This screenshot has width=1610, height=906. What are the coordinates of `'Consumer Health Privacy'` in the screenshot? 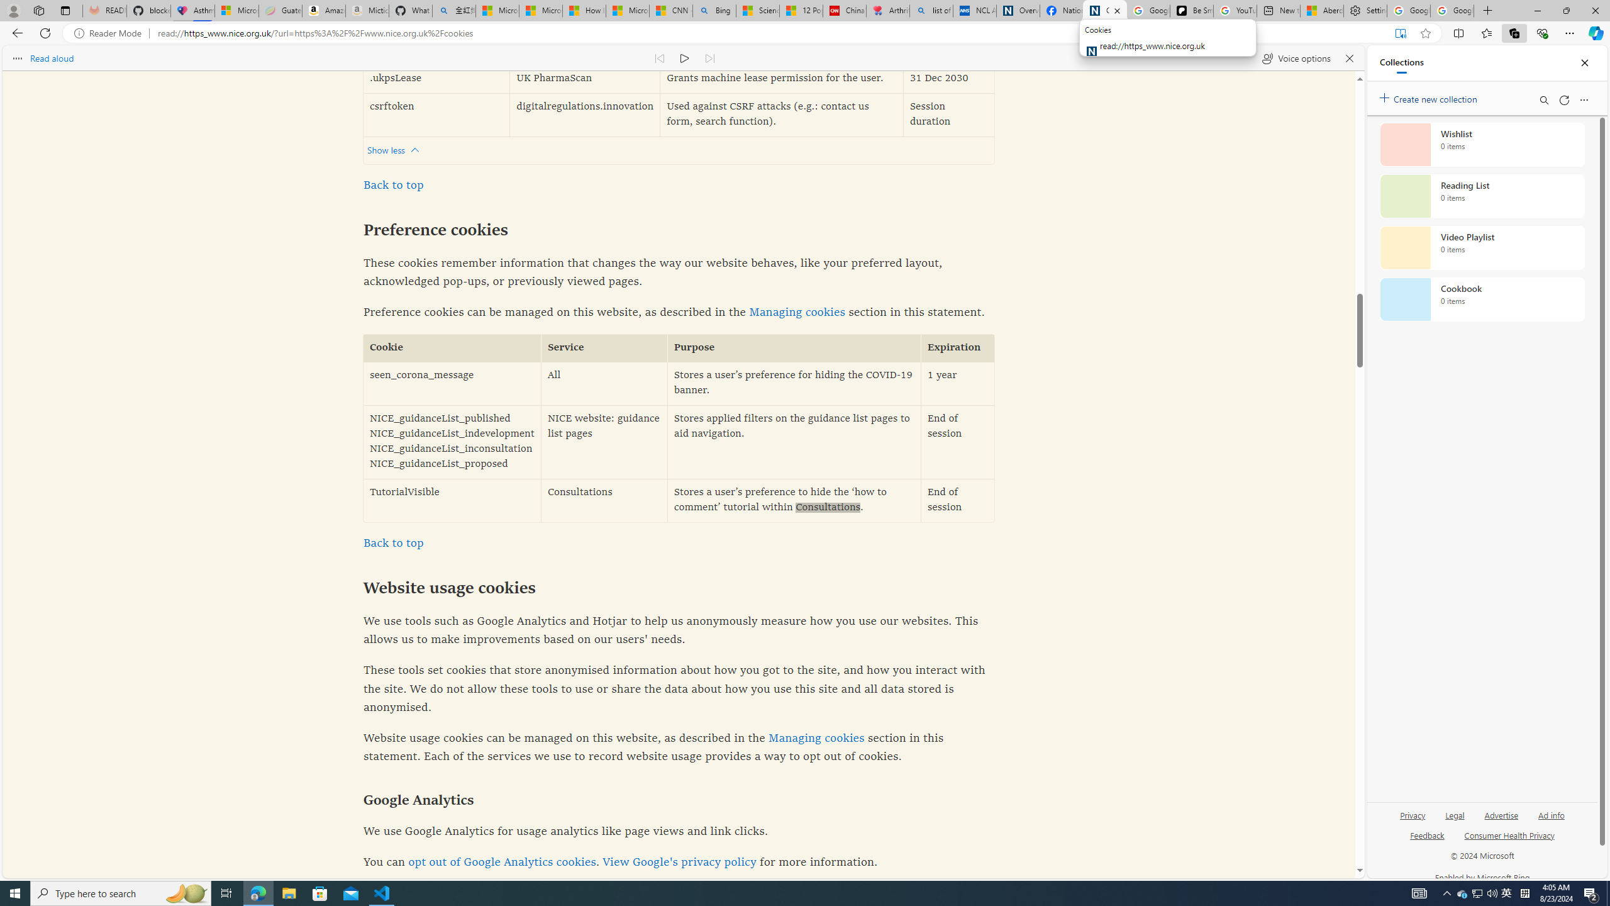 It's located at (1509, 839).